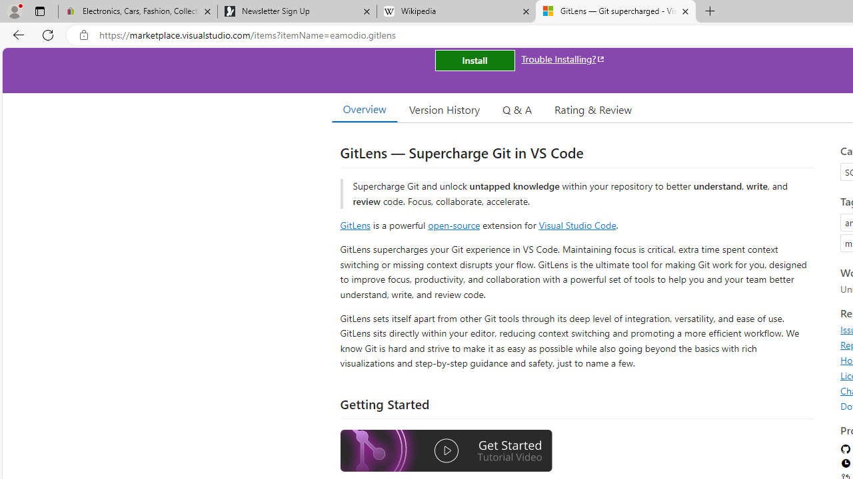 The height and width of the screenshot is (479, 853). Describe the element at coordinates (454, 224) in the screenshot. I see `'open-source'` at that location.